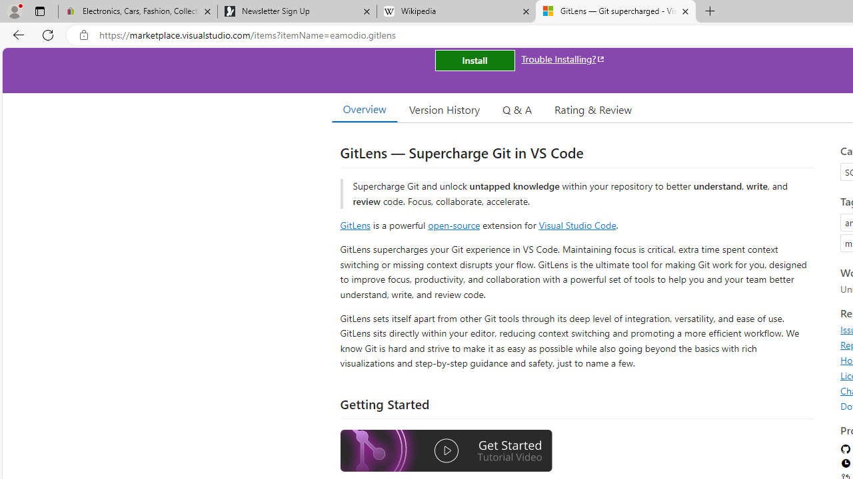 The height and width of the screenshot is (479, 853). Describe the element at coordinates (454, 224) in the screenshot. I see `'open-source'` at that location.